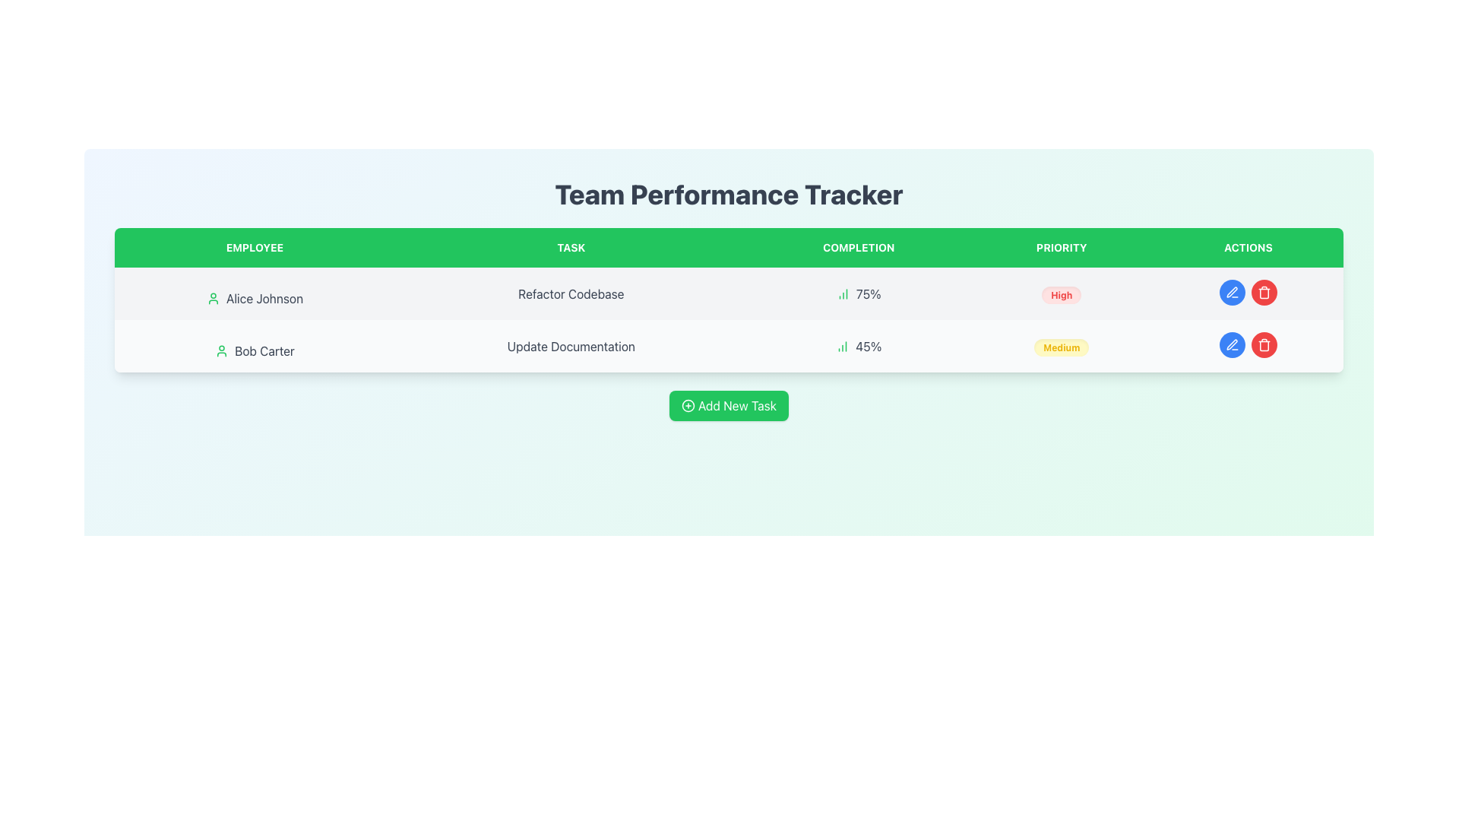 The height and width of the screenshot is (821, 1459). What do you see at coordinates (1264, 346) in the screenshot?
I see `the trashcan icon located in the second row of the 'Actions' column, next to the 'Edit' icon for the 'Bob Carter' entry` at bounding box center [1264, 346].